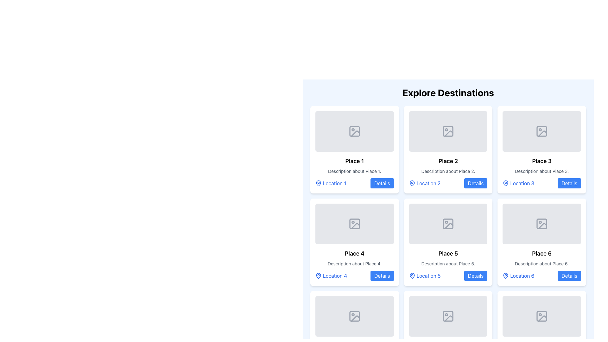  What do you see at coordinates (448, 131) in the screenshot?
I see `the image placeholder located in the top-left corner of the card labeled 'Place 2', which signifies where media content would be displayed` at bounding box center [448, 131].